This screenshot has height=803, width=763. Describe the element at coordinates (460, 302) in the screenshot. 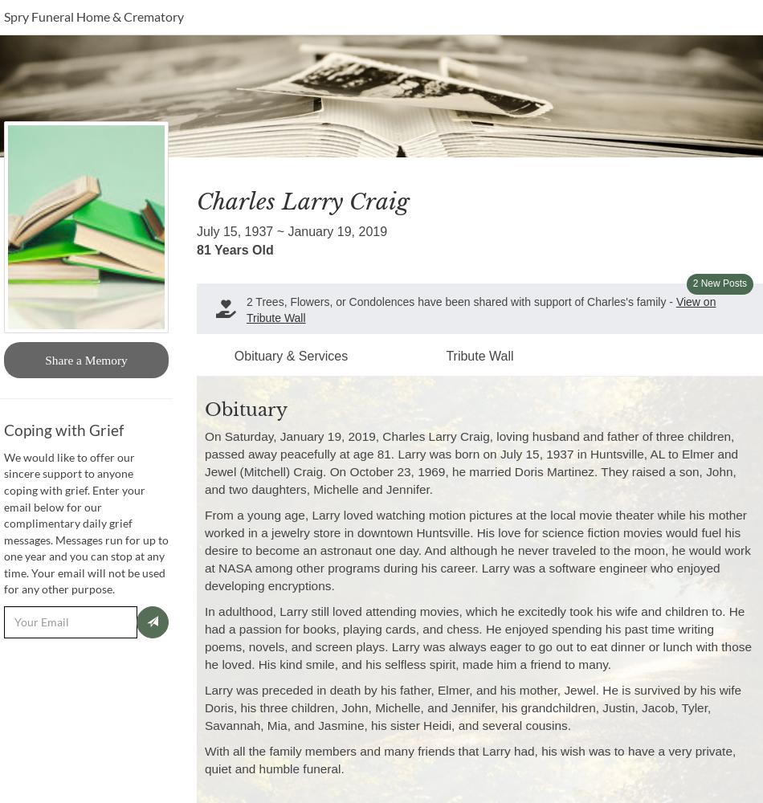

I see `'2 Trees, Flowers, or Condolences have been shared with support of Charles's family -'` at that location.